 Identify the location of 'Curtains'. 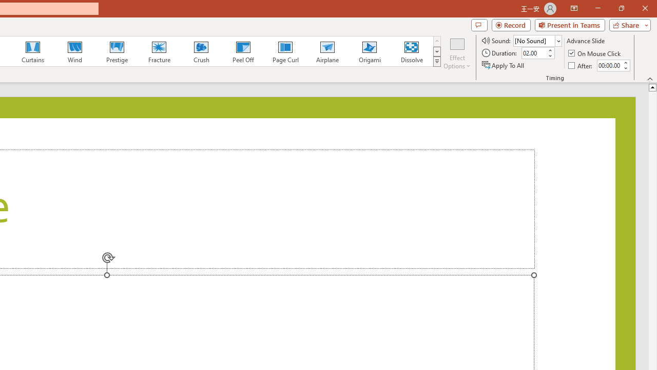
(33, 51).